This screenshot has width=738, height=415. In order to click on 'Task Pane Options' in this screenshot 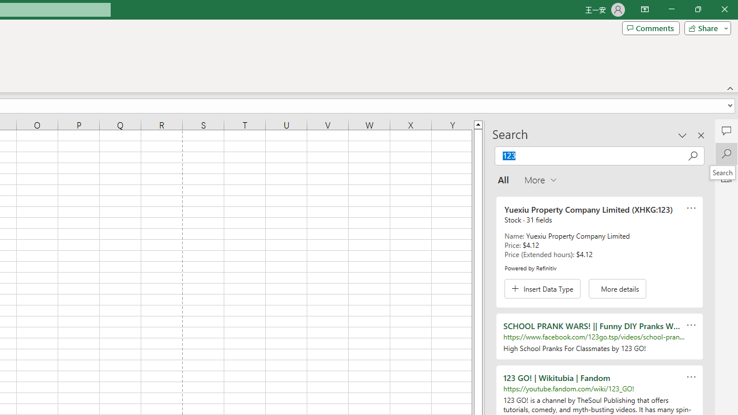, I will do `click(683, 135)`.